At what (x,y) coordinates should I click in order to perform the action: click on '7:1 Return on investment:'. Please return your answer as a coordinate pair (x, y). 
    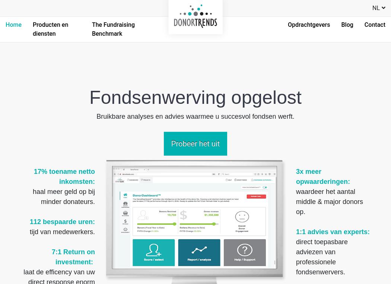
    Looking at the image, I should click on (51, 256).